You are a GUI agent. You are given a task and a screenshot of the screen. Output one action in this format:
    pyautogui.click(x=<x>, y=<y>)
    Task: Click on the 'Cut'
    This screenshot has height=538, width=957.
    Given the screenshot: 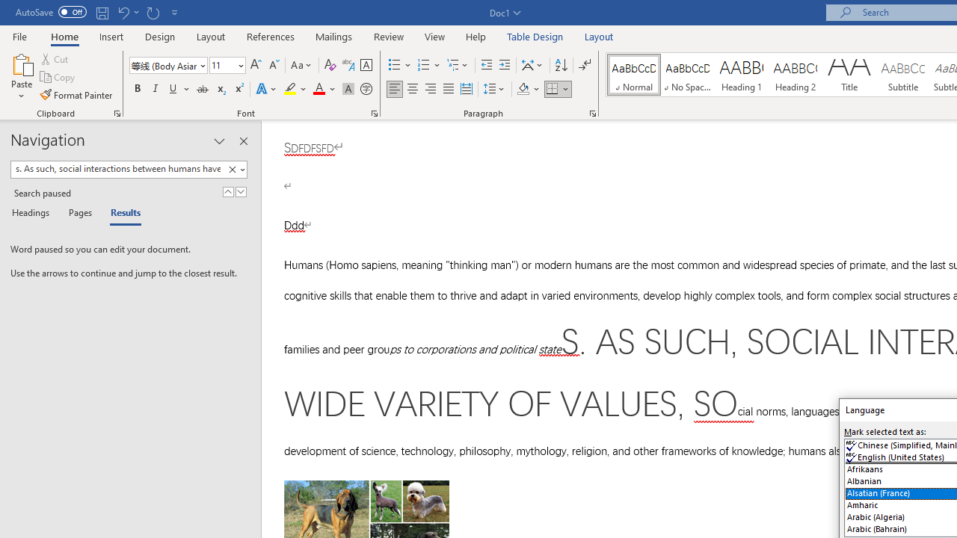 What is the action you would take?
    pyautogui.click(x=55, y=58)
    